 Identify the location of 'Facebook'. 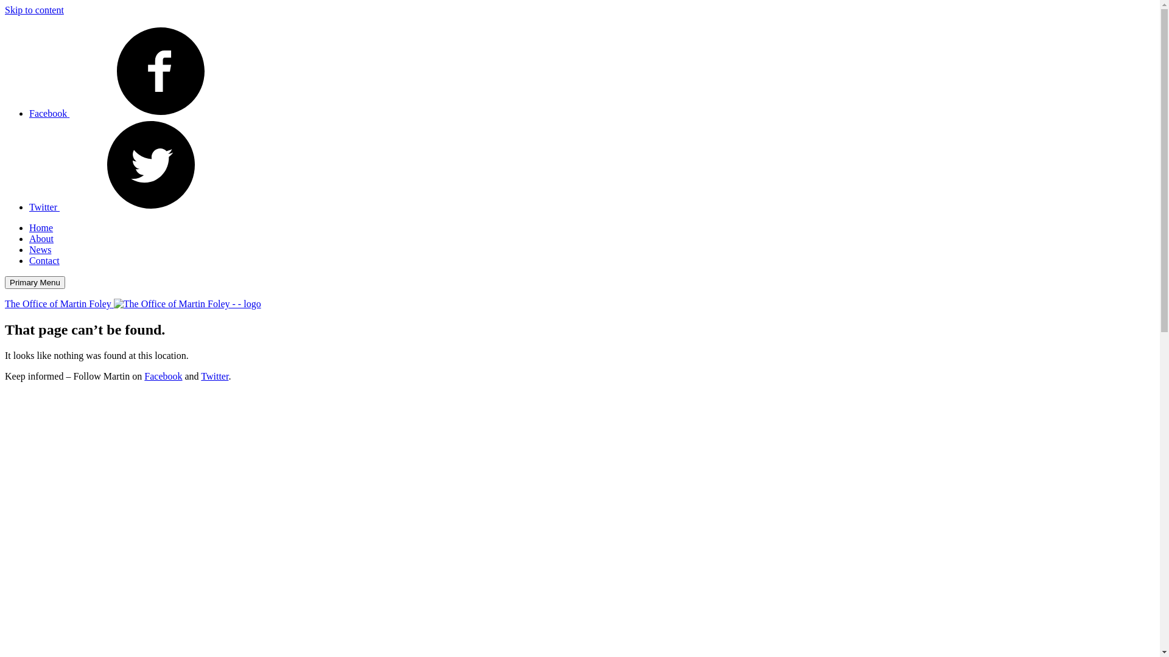
(140, 113).